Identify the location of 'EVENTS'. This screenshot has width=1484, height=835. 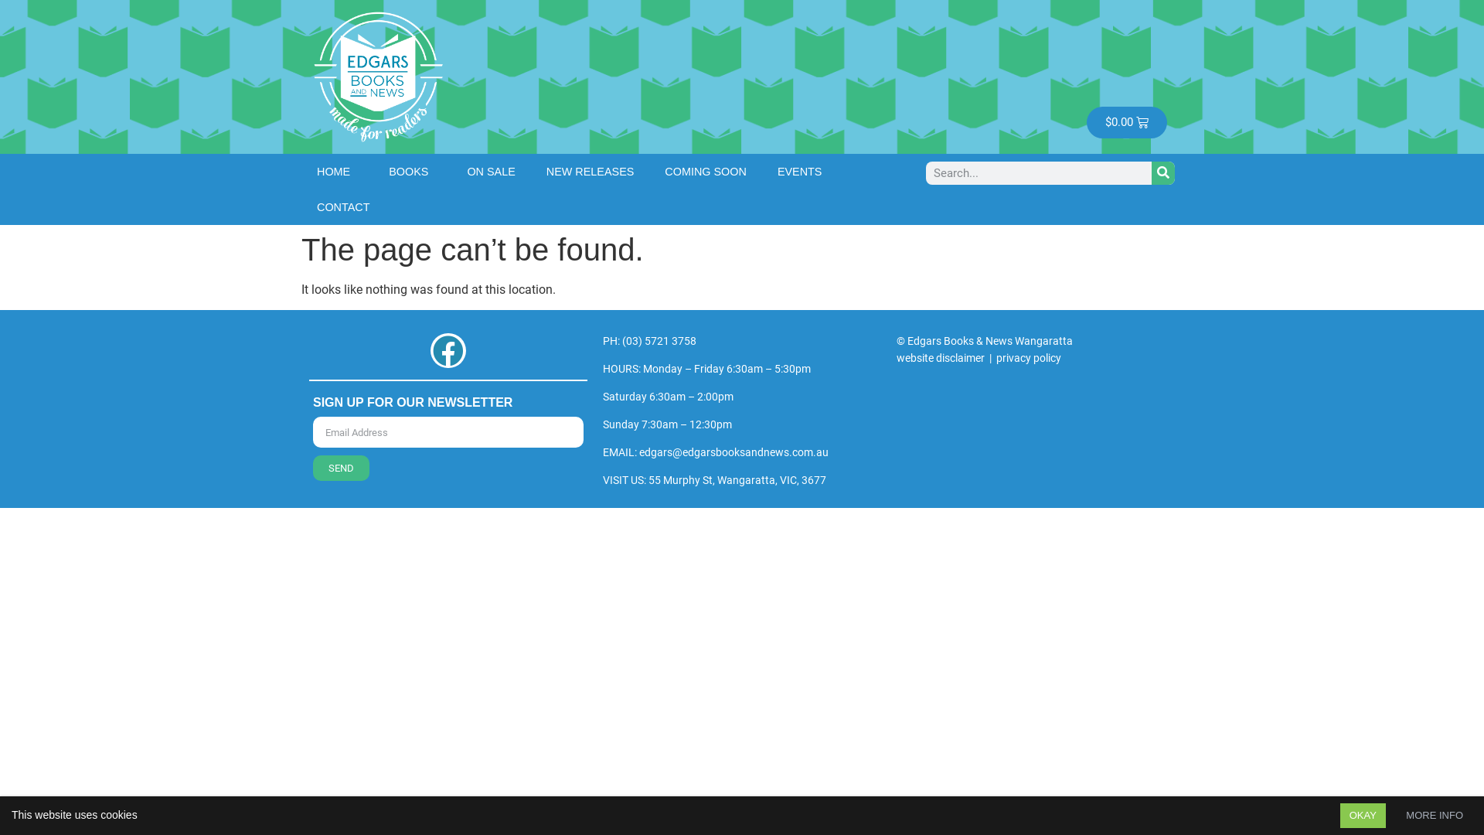
(804, 170).